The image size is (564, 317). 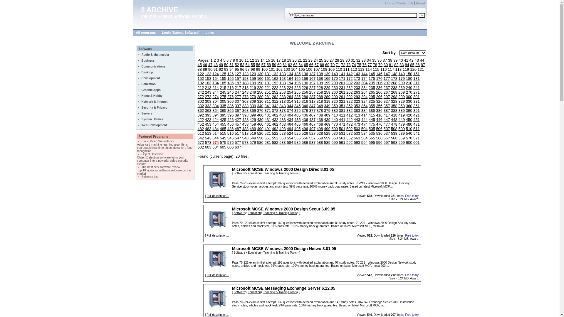 What do you see at coordinates (155, 101) in the screenshot?
I see `'Network & Internet'` at bounding box center [155, 101].